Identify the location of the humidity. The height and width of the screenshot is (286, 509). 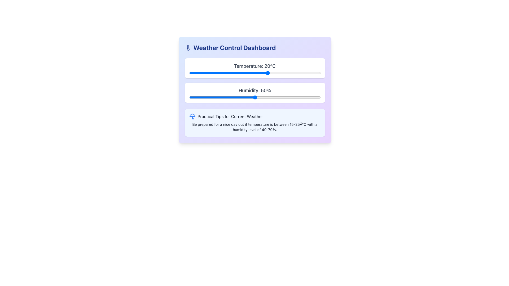
(300, 97).